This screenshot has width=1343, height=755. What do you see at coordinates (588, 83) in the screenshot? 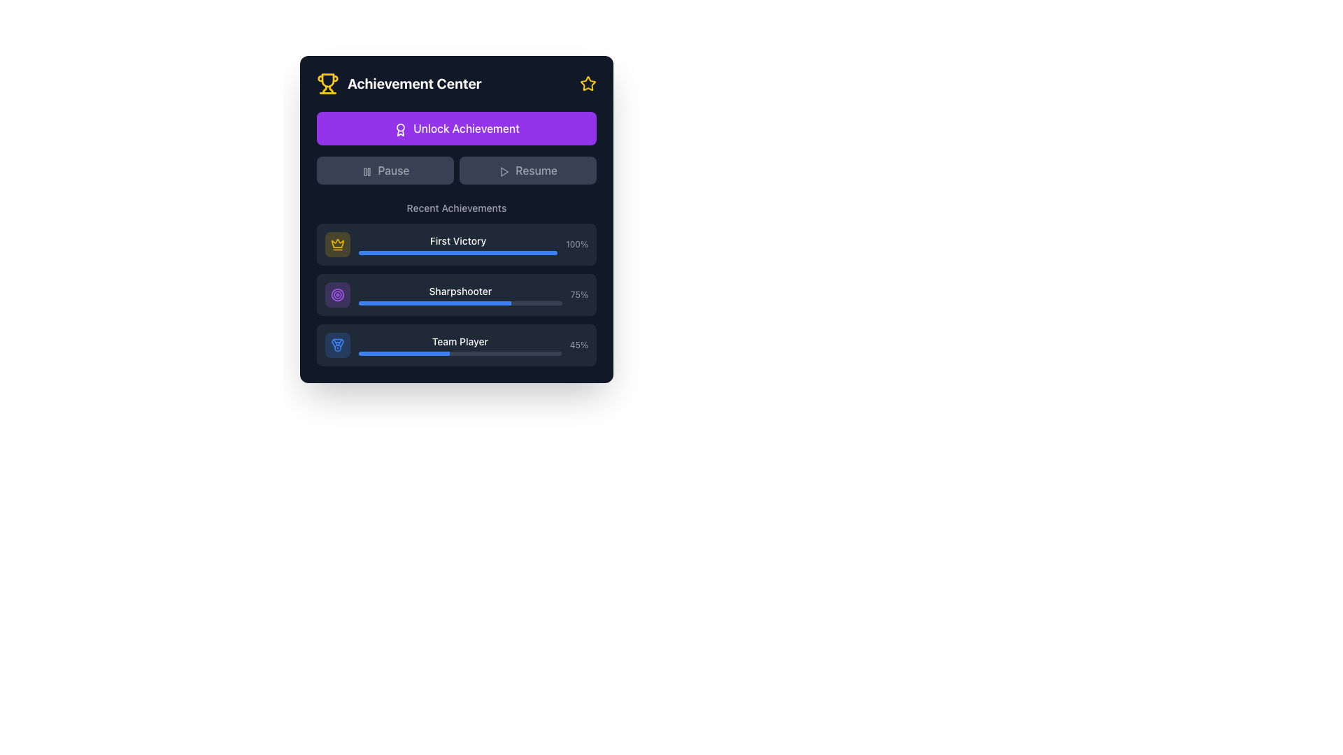
I see `the star icon located in the top-right corner of the 'Achievement Center' interface, which serves as a visual indicator for favoriting or highlighting achievements` at bounding box center [588, 83].